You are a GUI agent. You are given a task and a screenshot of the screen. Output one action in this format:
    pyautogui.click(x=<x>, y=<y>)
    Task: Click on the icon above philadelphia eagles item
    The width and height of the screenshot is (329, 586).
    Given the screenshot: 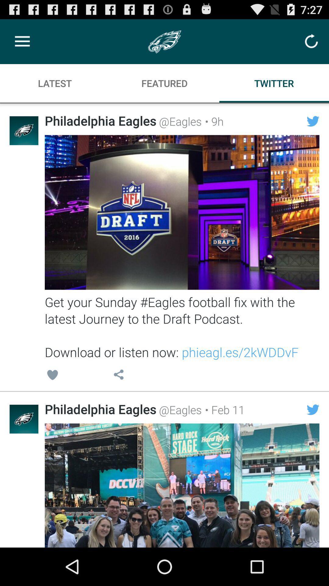 What is the action you would take?
    pyautogui.click(x=119, y=375)
    